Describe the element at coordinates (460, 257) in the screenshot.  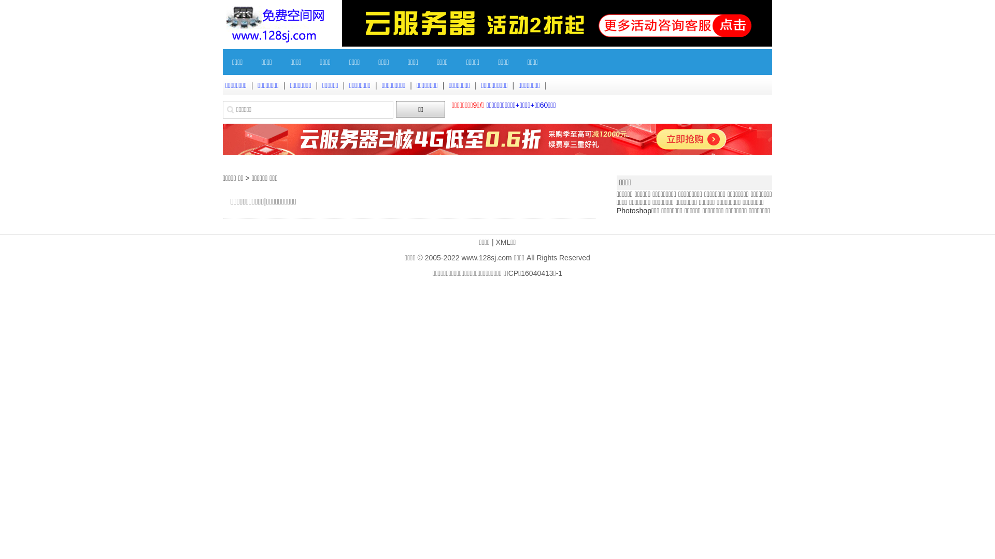
I see `'www.128sj.com'` at that location.